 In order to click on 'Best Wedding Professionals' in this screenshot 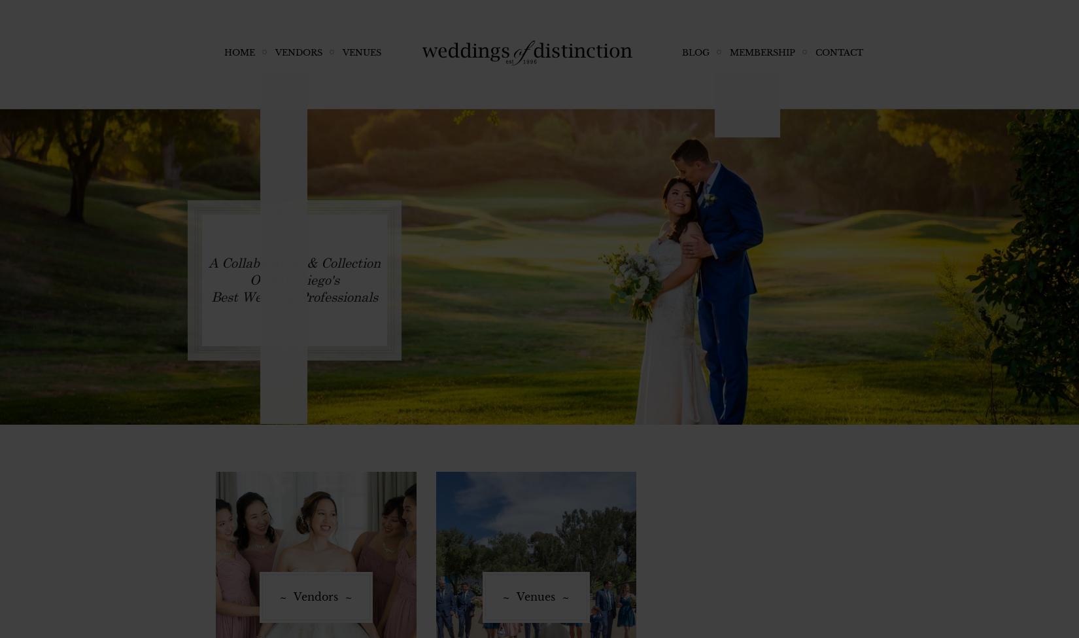, I will do `click(211, 296)`.